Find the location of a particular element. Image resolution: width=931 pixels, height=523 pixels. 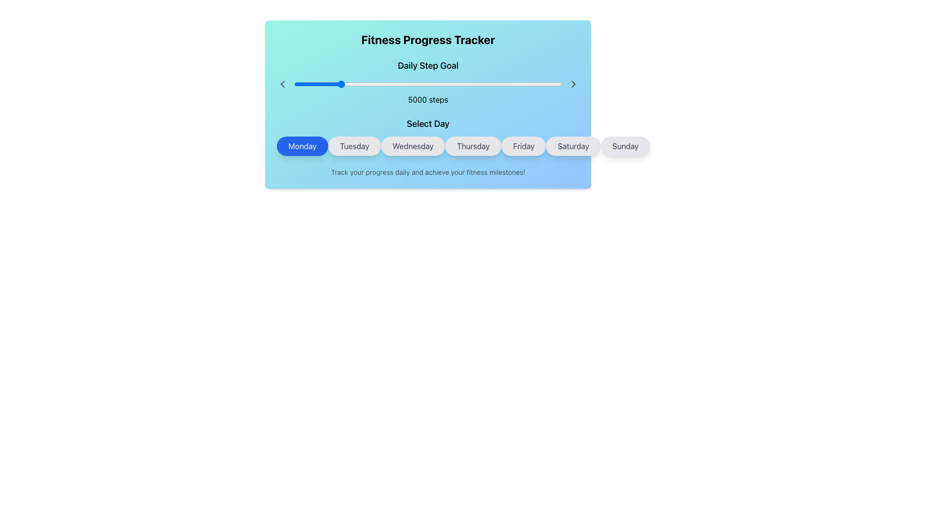

the daily step goal is located at coordinates (323, 83).